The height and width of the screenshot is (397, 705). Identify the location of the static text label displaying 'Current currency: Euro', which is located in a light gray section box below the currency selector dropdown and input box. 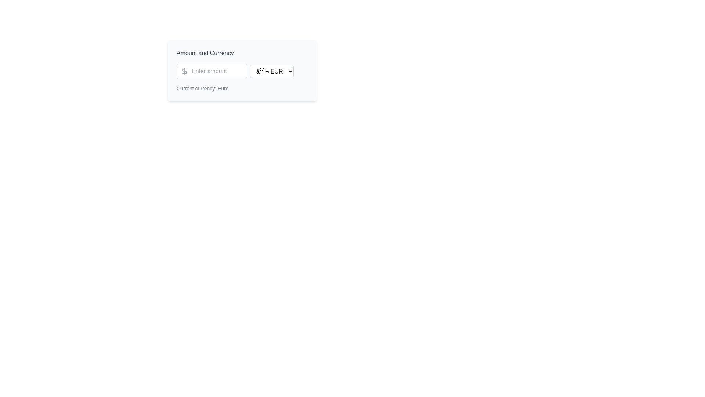
(202, 88).